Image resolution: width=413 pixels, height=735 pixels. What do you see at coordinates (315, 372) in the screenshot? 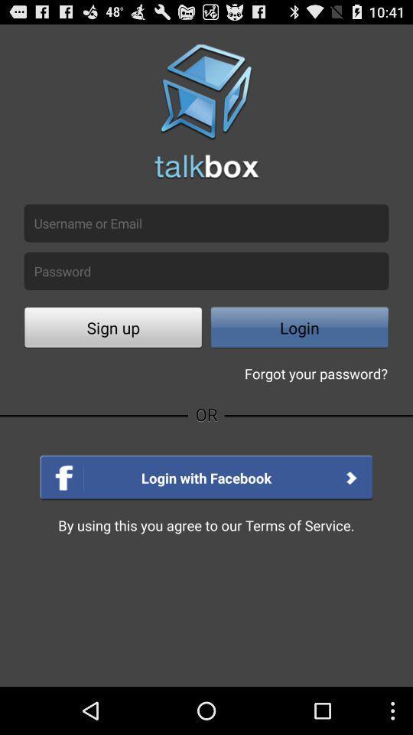
I see `forgot your password? icon` at bounding box center [315, 372].